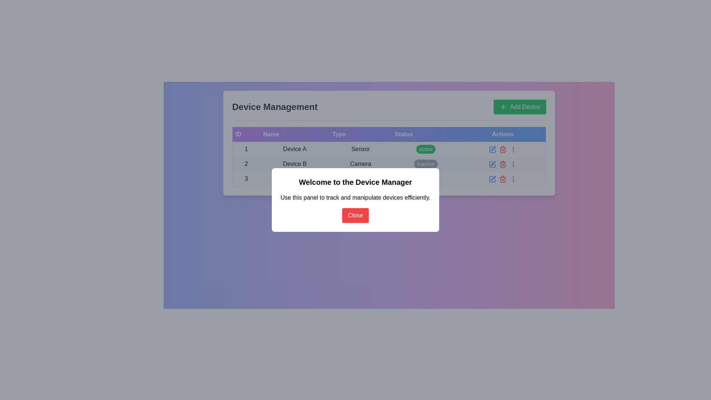 The height and width of the screenshot is (400, 711). Describe the element at coordinates (503, 149) in the screenshot. I see `the red trash icon in the 'Actions' column of the second row of the Device Management table` at that location.